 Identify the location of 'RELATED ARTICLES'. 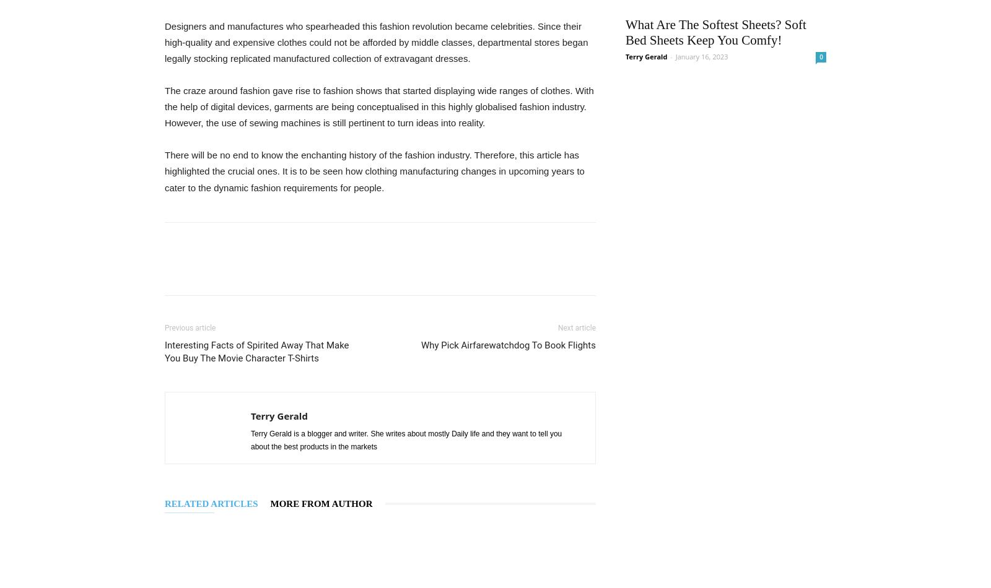
(211, 503).